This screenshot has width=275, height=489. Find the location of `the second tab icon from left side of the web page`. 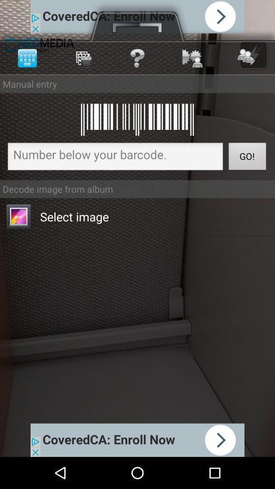

the second tab icon from left side of the web page is located at coordinates (81, 58).